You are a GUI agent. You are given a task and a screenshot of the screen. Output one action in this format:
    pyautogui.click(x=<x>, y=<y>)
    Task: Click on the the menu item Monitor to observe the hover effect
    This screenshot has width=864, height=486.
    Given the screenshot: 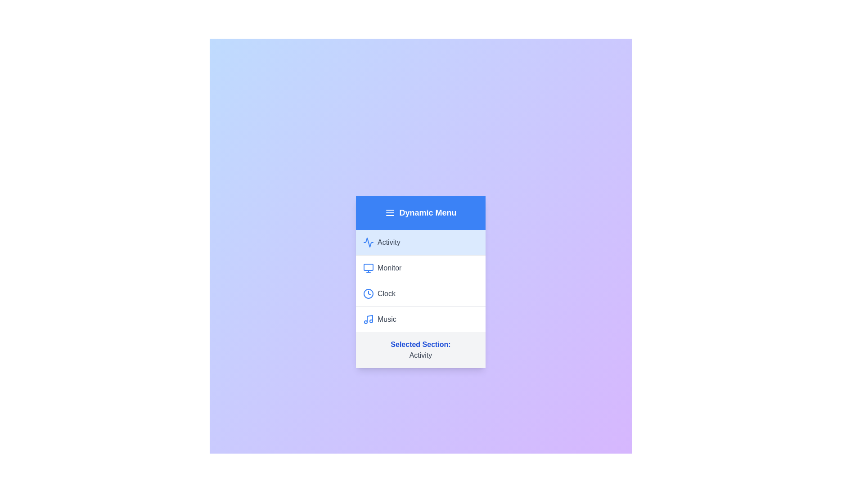 What is the action you would take?
    pyautogui.click(x=420, y=267)
    